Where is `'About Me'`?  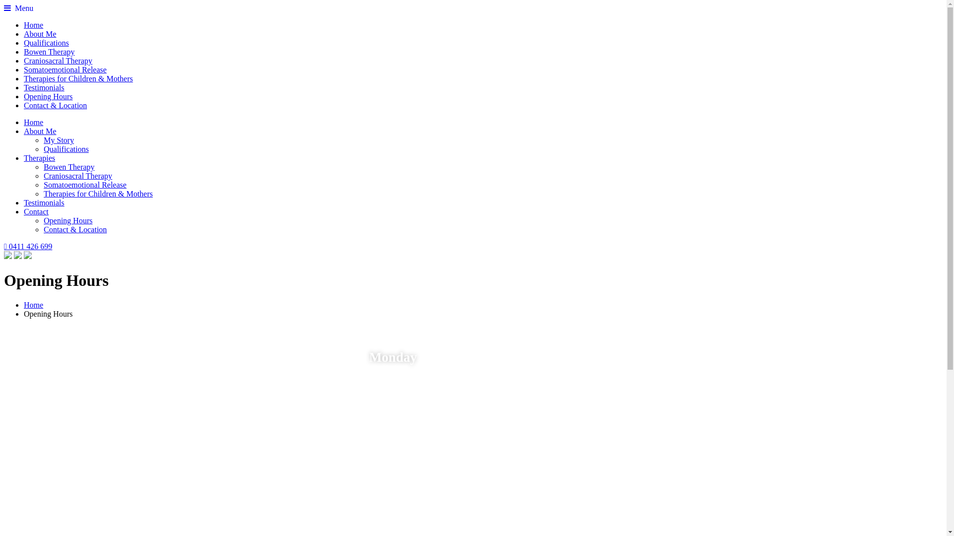 'About Me' is located at coordinates (40, 131).